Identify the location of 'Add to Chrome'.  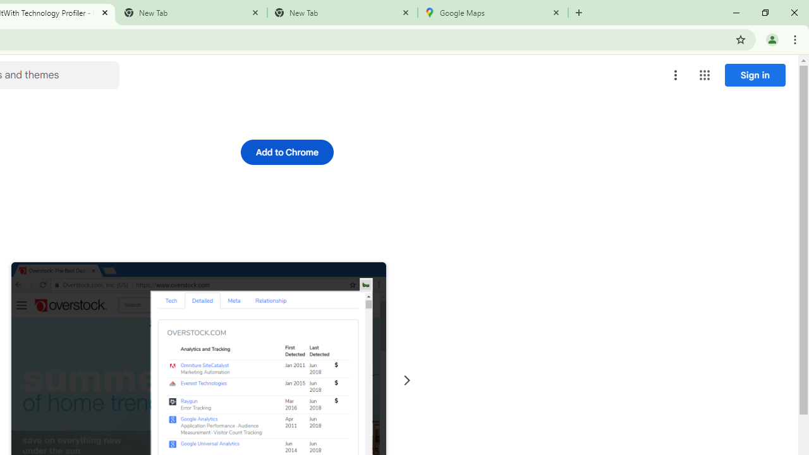
(286, 151).